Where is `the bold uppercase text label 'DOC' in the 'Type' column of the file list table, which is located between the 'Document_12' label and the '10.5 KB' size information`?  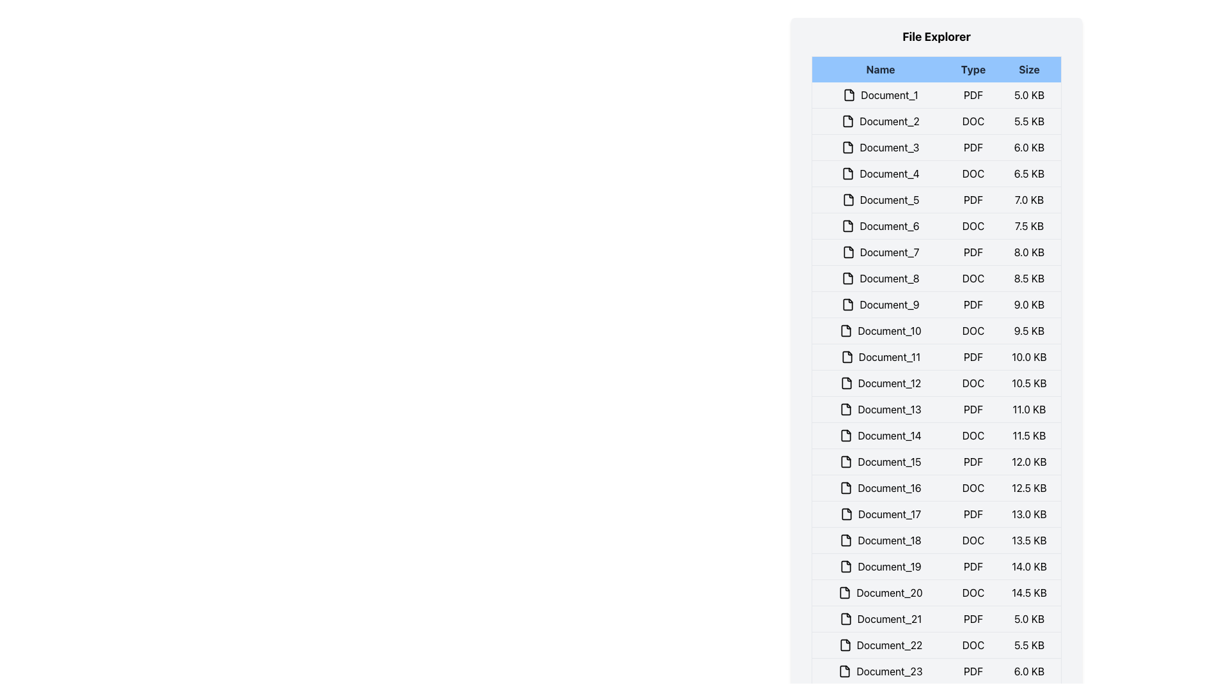 the bold uppercase text label 'DOC' in the 'Type' column of the file list table, which is located between the 'Document_12' label and the '10.5 KB' size information is located at coordinates (972, 383).